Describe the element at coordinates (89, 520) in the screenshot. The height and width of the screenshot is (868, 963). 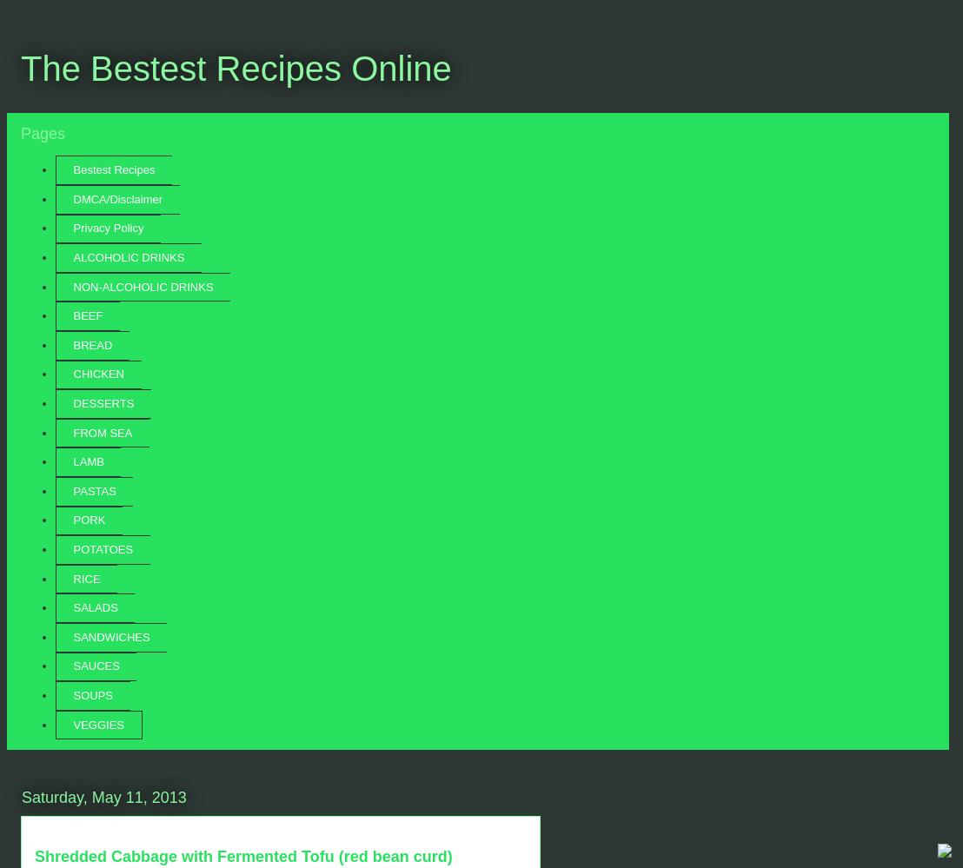
I see `'PORK'` at that location.